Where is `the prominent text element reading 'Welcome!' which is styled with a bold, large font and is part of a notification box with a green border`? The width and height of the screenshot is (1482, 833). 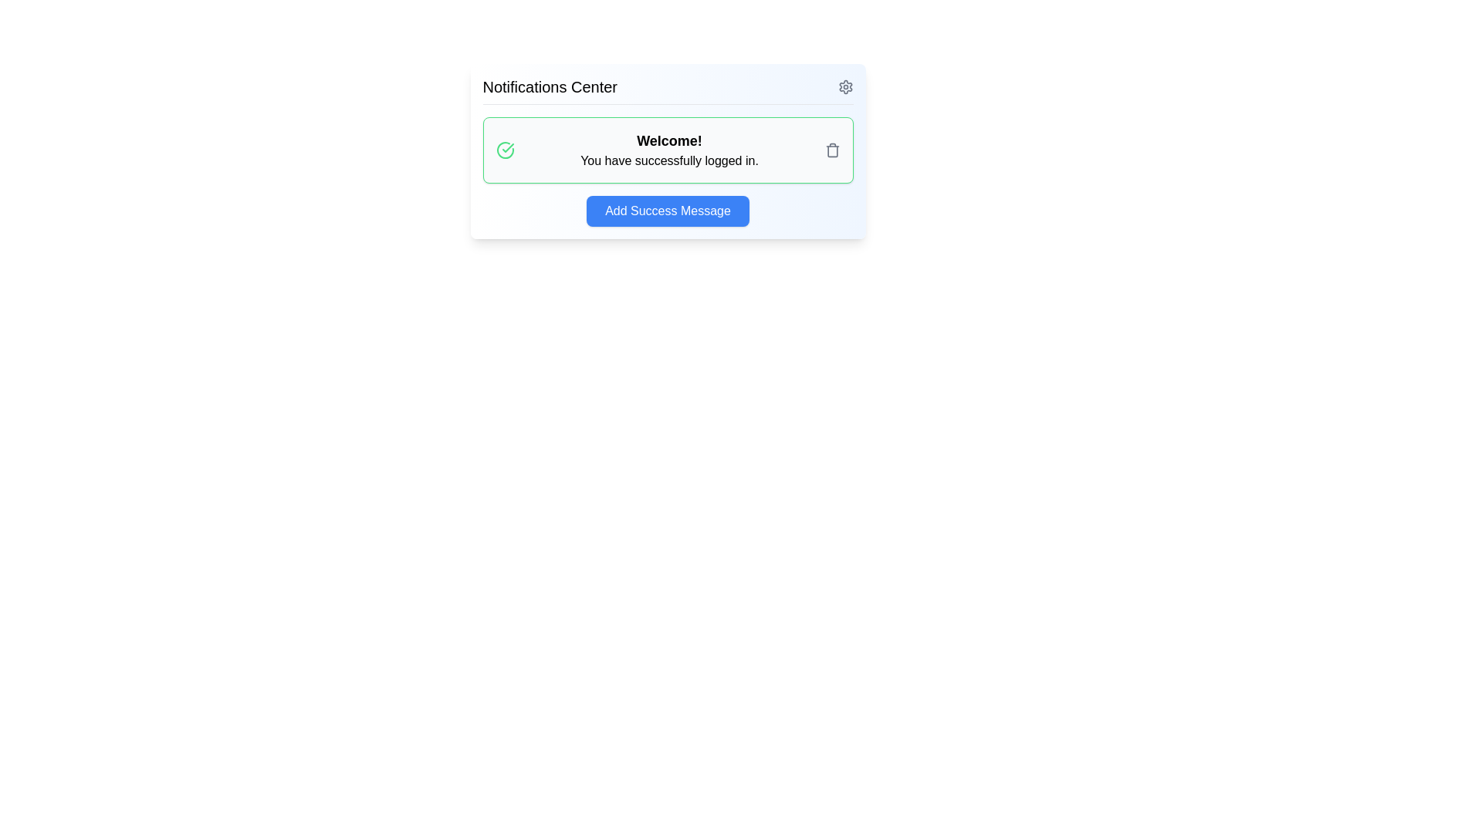
the prominent text element reading 'Welcome!' which is styled with a bold, large font and is part of a notification box with a green border is located at coordinates (669, 140).